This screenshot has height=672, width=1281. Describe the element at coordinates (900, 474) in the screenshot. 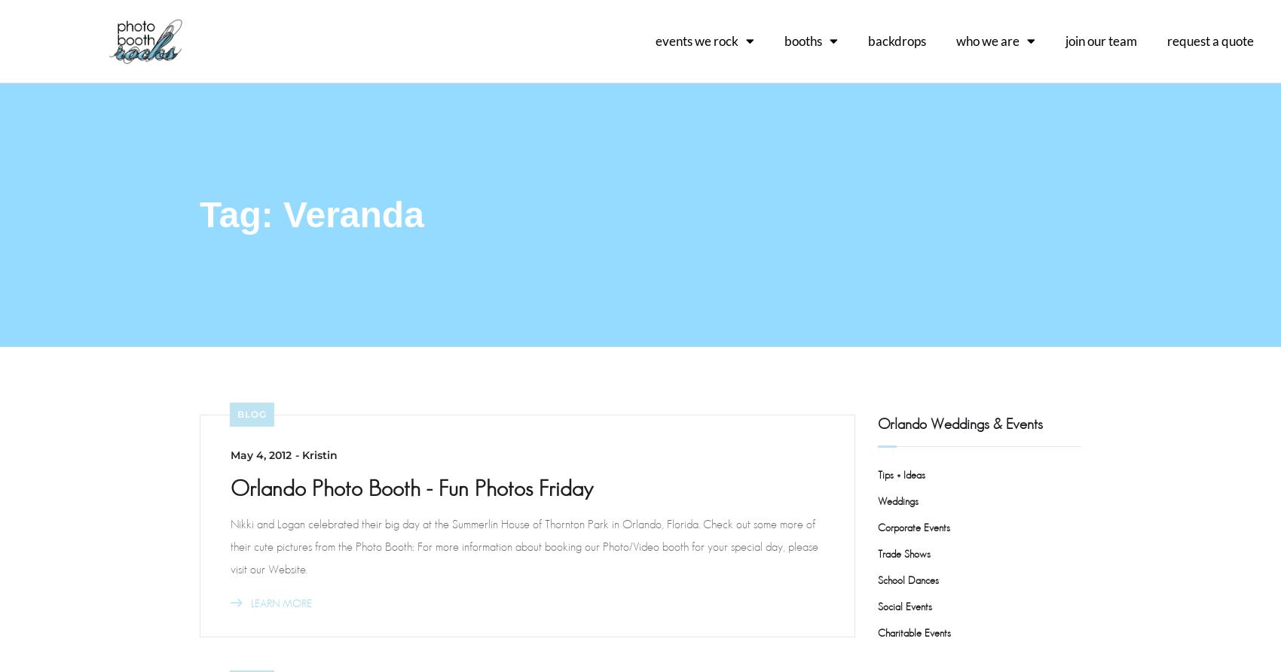

I see `'Tips + Ideas'` at that location.